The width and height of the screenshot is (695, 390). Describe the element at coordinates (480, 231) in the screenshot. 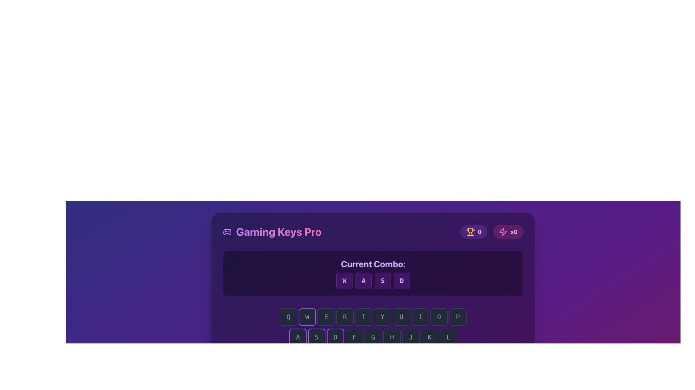

I see `the text label displaying a numeric value next to the trophy icon located at the top-right corner of the main content area` at that location.